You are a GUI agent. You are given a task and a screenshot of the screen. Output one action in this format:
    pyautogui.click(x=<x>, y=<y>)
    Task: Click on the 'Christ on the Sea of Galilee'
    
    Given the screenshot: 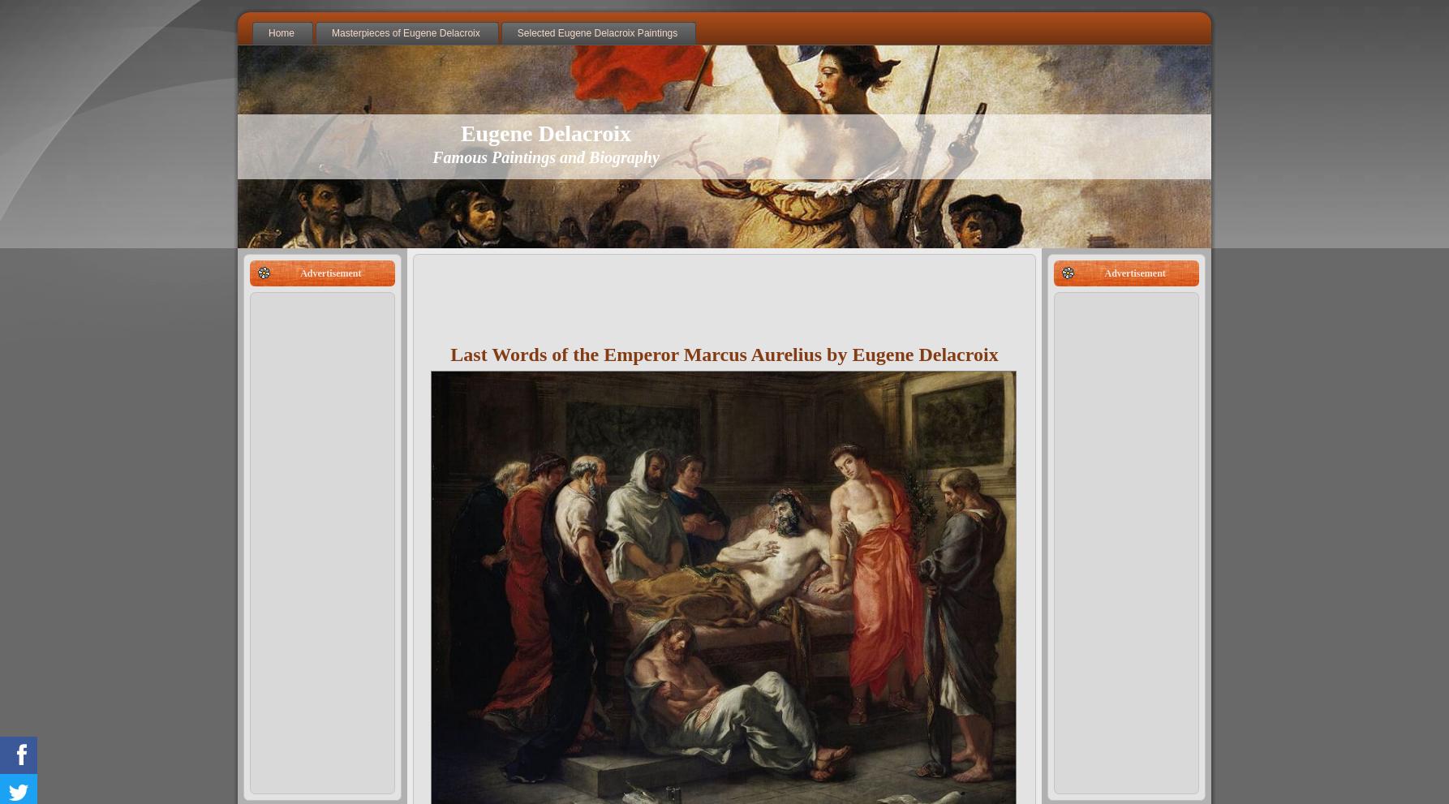 What is the action you would take?
    pyautogui.click(x=322, y=175)
    